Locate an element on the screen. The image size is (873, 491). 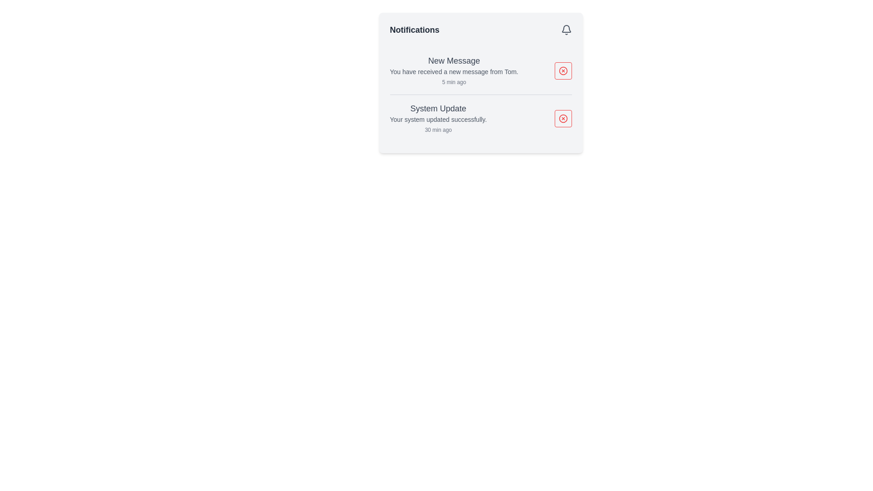
the informational notification block titled 'System Update' which contains the message 'Your system updated successfully.' is located at coordinates (438, 118).